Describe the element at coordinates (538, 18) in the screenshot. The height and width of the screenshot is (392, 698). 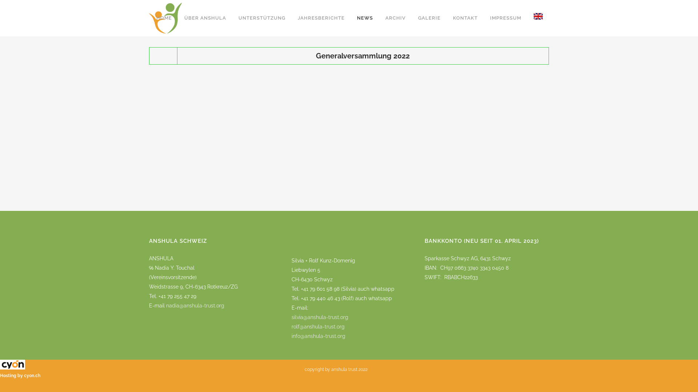
I see `'English'` at that location.